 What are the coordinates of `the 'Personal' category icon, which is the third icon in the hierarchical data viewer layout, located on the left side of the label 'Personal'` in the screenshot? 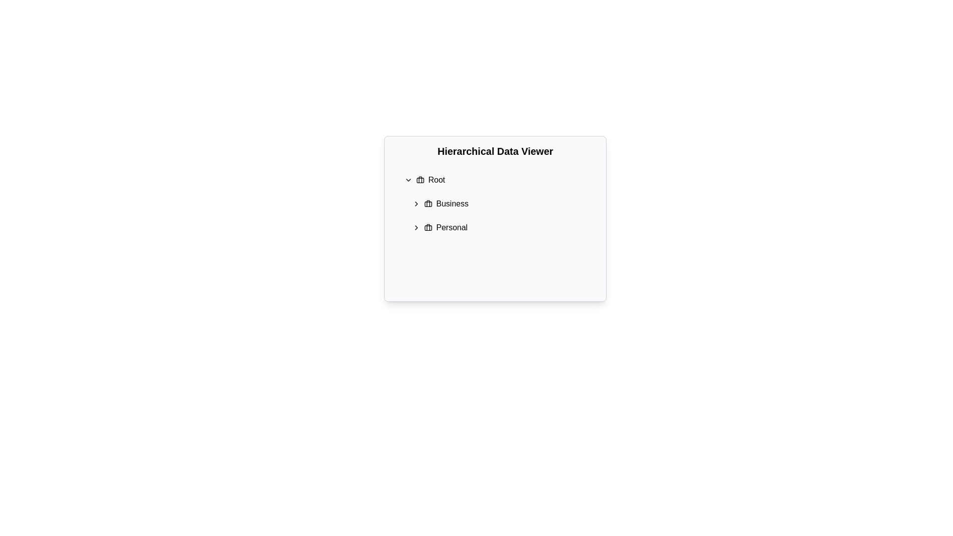 It's located at (428, 228).